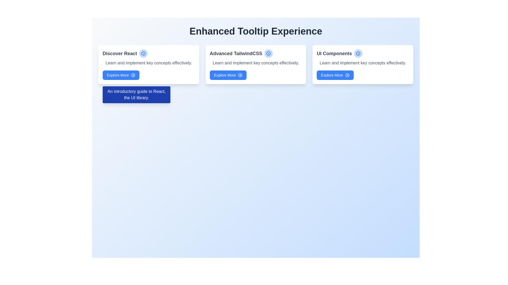 This screenshot has height=285, width=508. Describe the element at coordinates (228, 75) in the screenshot. I see `the button with text and icon located in the second card from the left that allows users` at that location.